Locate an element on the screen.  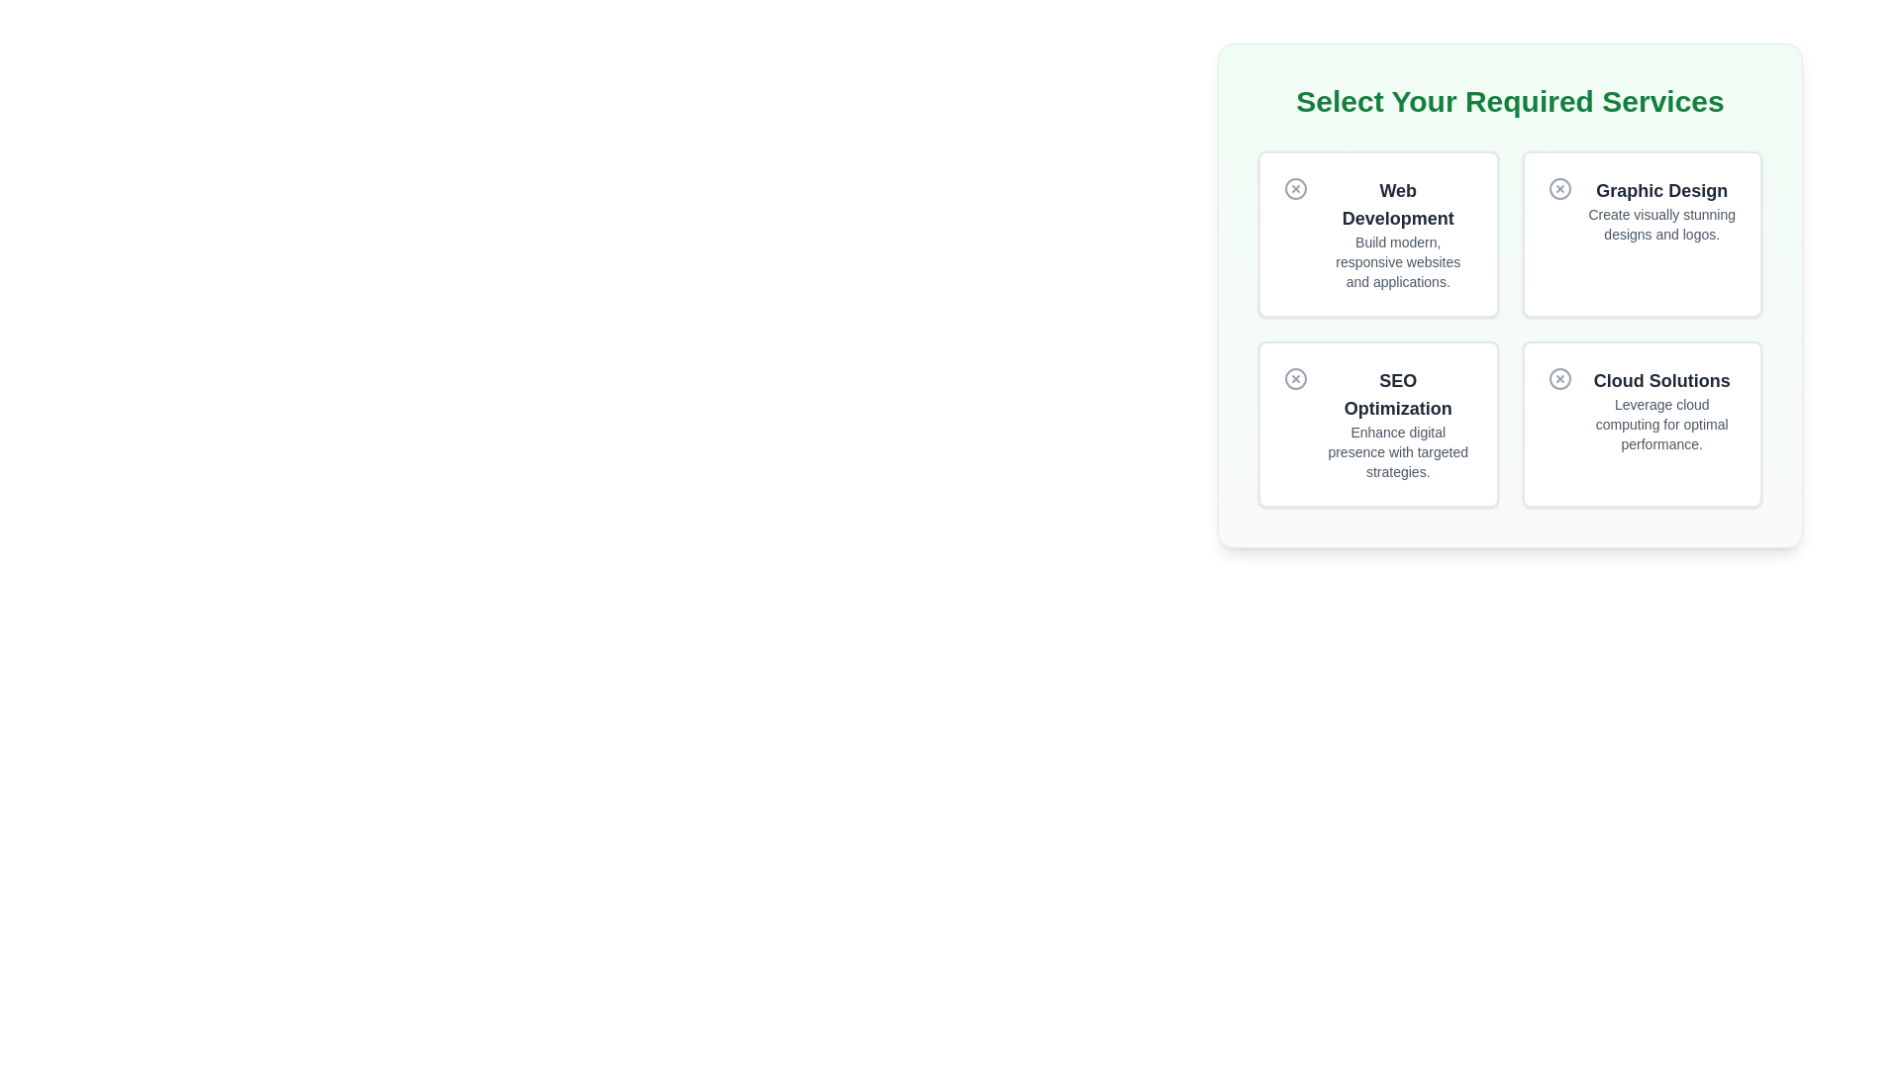
text displayed in the Text Label located in the top-left card of the four-card grid, which represents the title or key focus of web development services is located at coordinates (1397, 205).